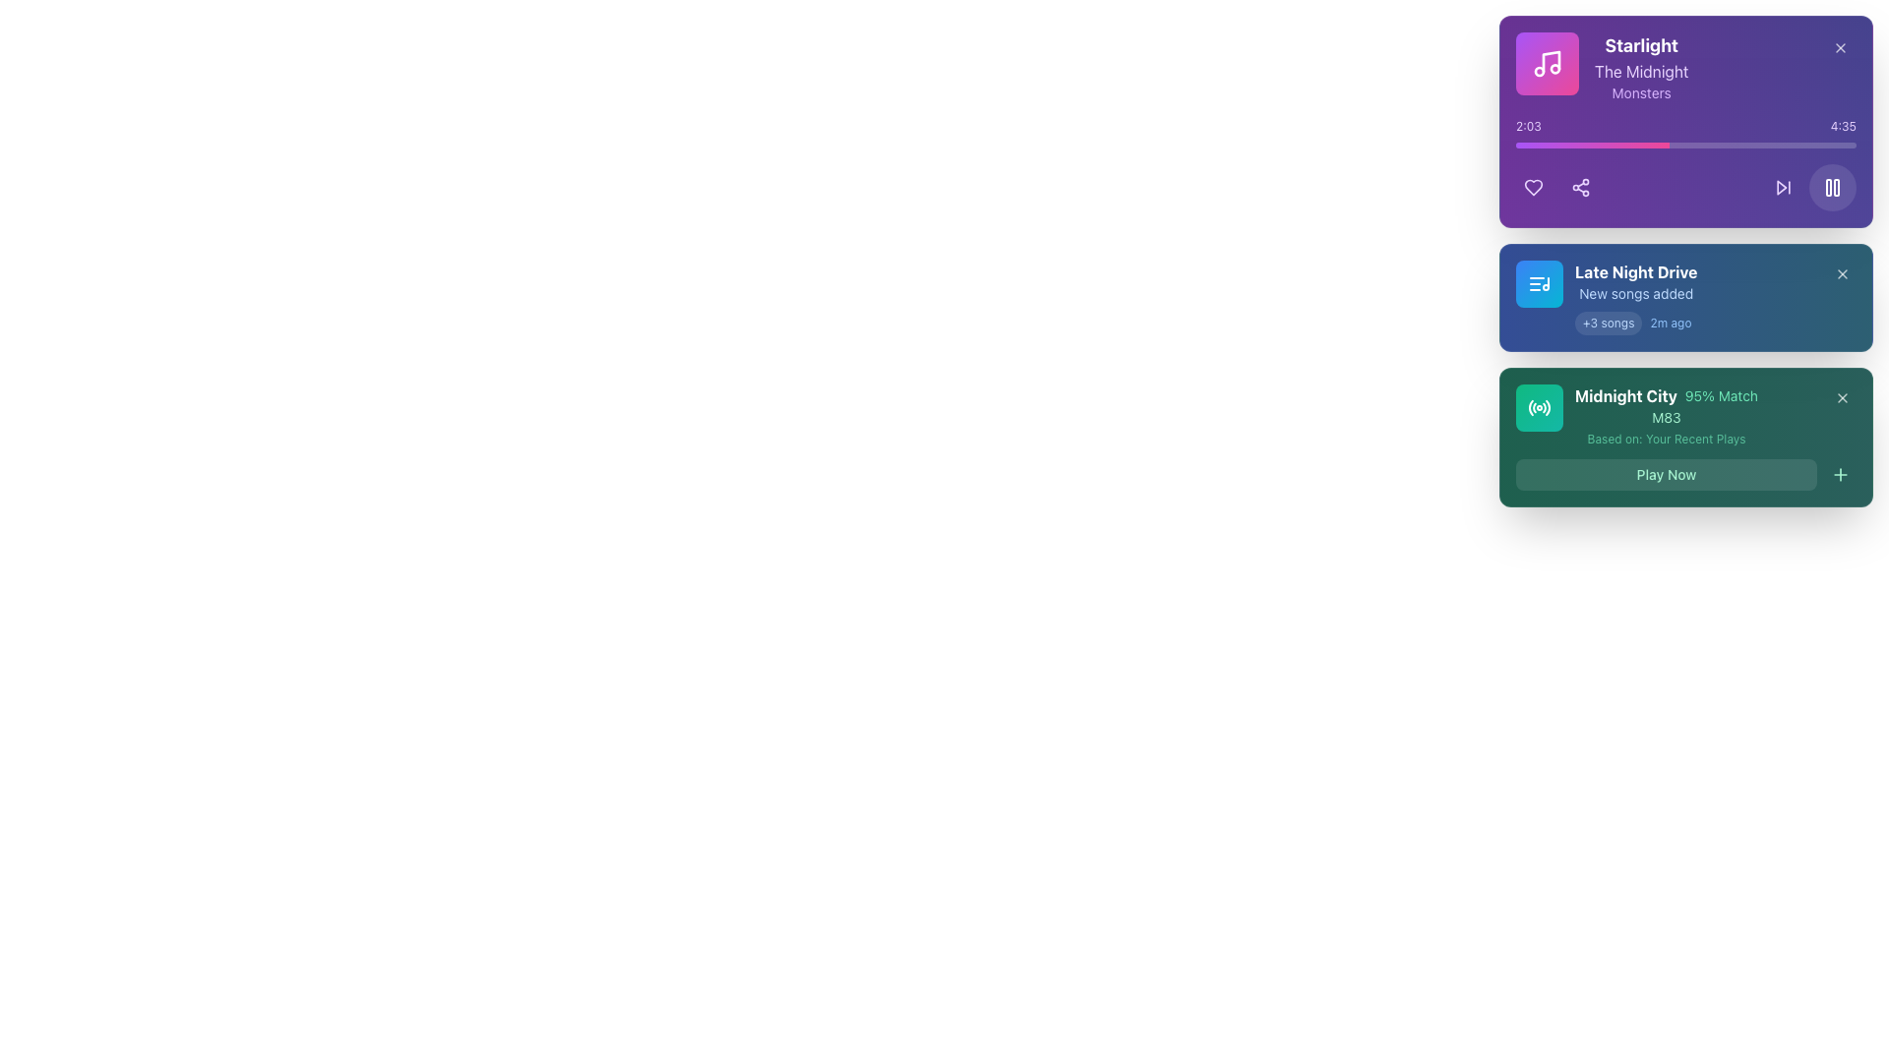 The image size is (1889, 1062). Describe the element at coordinates (1602, 67) in the screenshot. I see `the song details displayed` at that location.